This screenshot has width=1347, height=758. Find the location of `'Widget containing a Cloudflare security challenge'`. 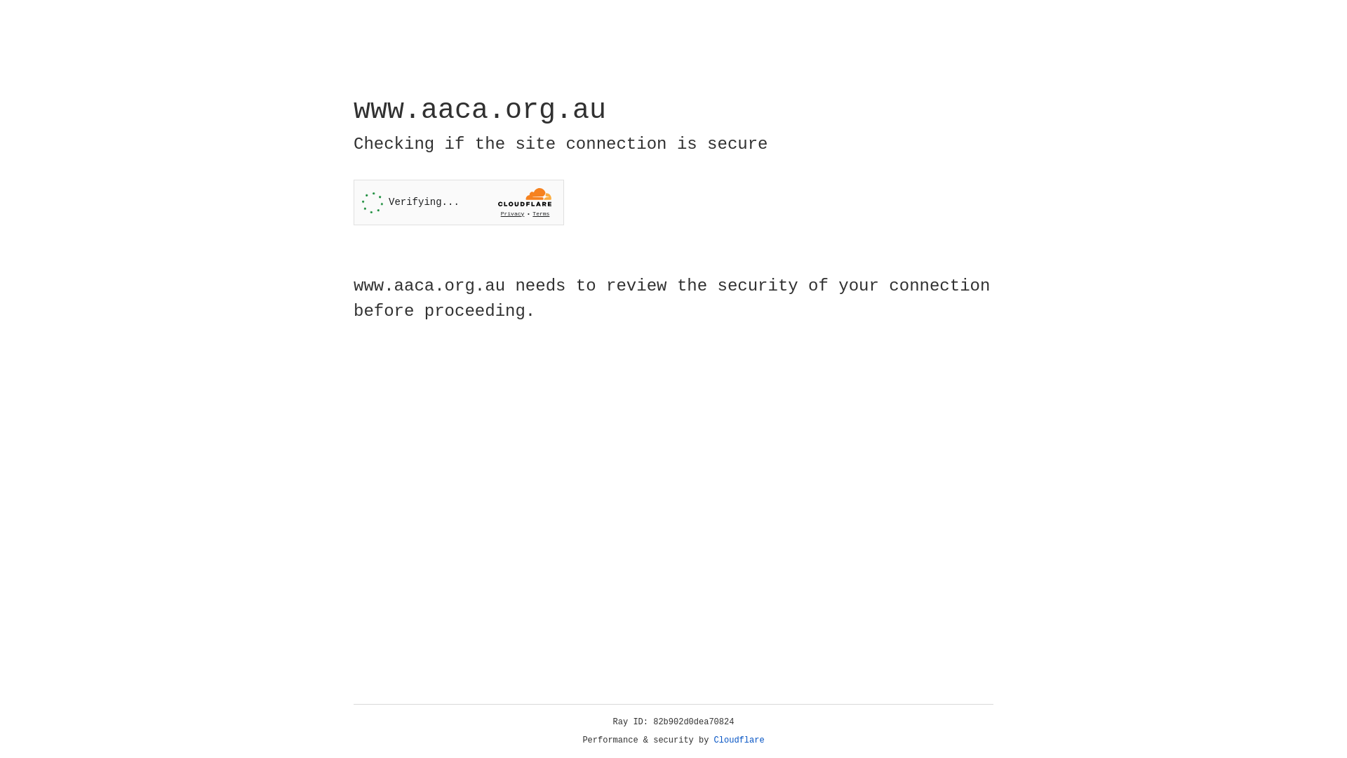

'Widget containing a Cloudflare security challenge' is located at coordinates (458, 202).